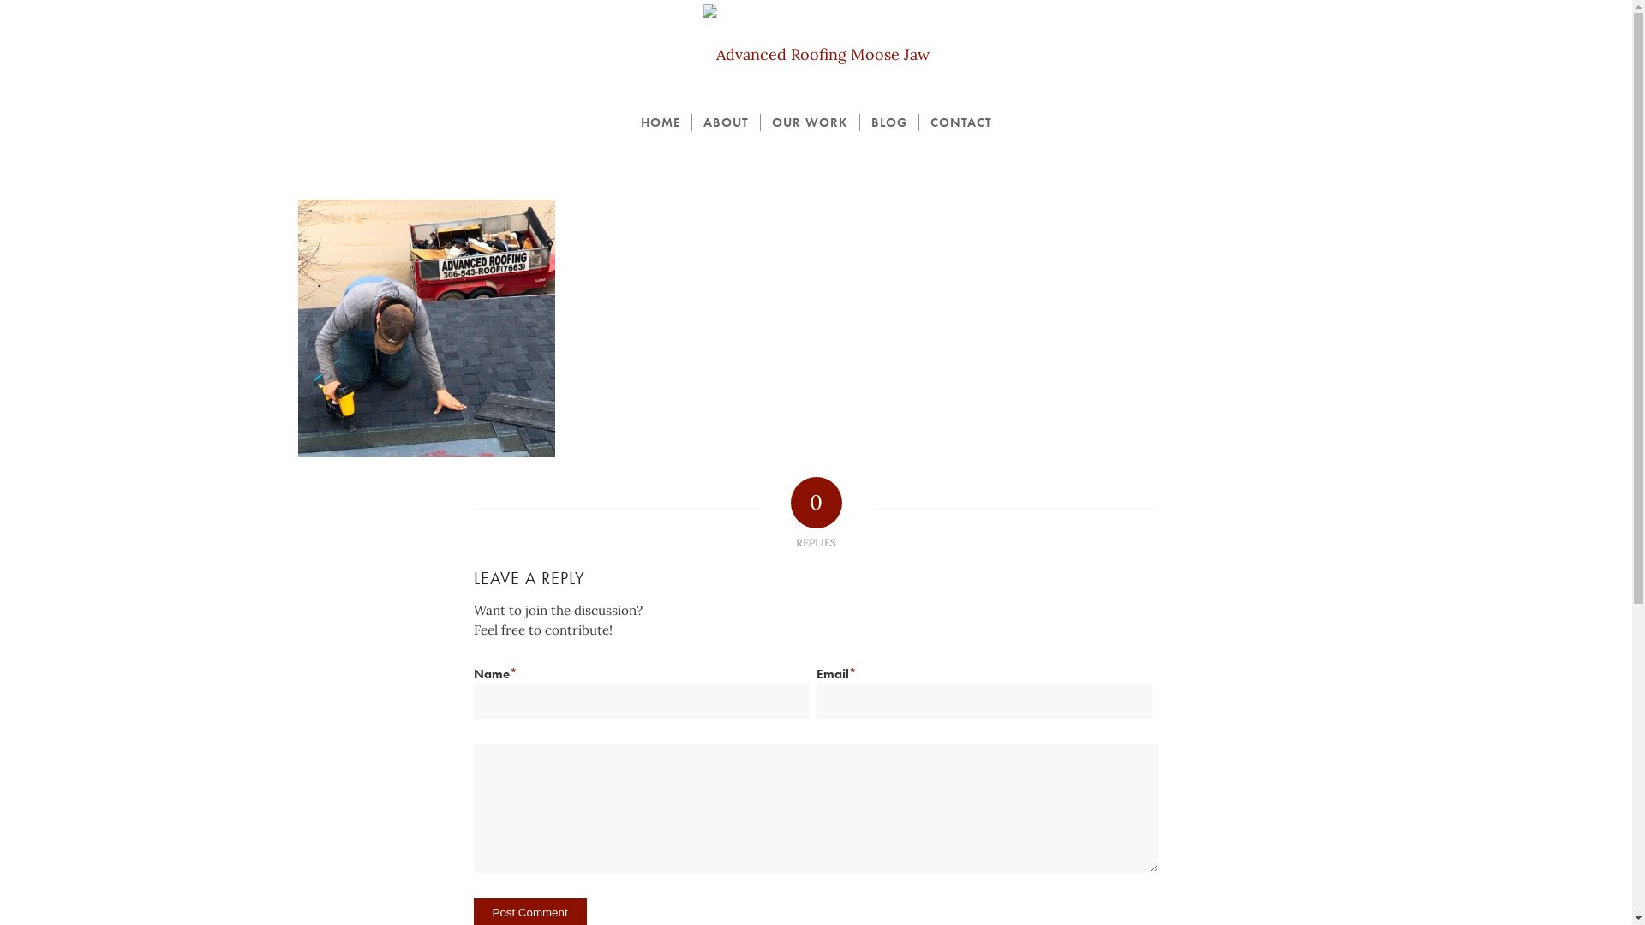 The image size is (1645, 925). I want to click on 'HOME', so click(658, 121).